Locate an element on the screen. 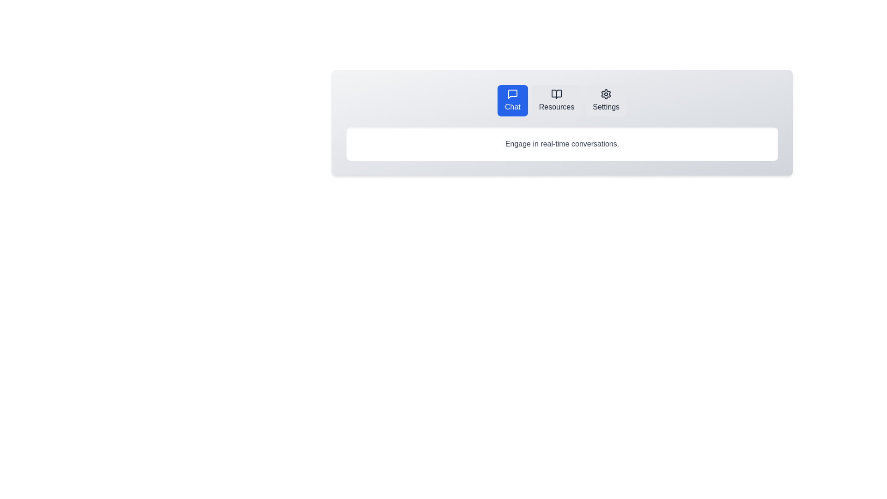 This screenshot has width=887, height=499. the small, square-shaped icon resembling a speech bubble with a blue background and white outline, which is located within the 'Chat' button at the top-left of the navigation items is located at coordinates (512, 94).